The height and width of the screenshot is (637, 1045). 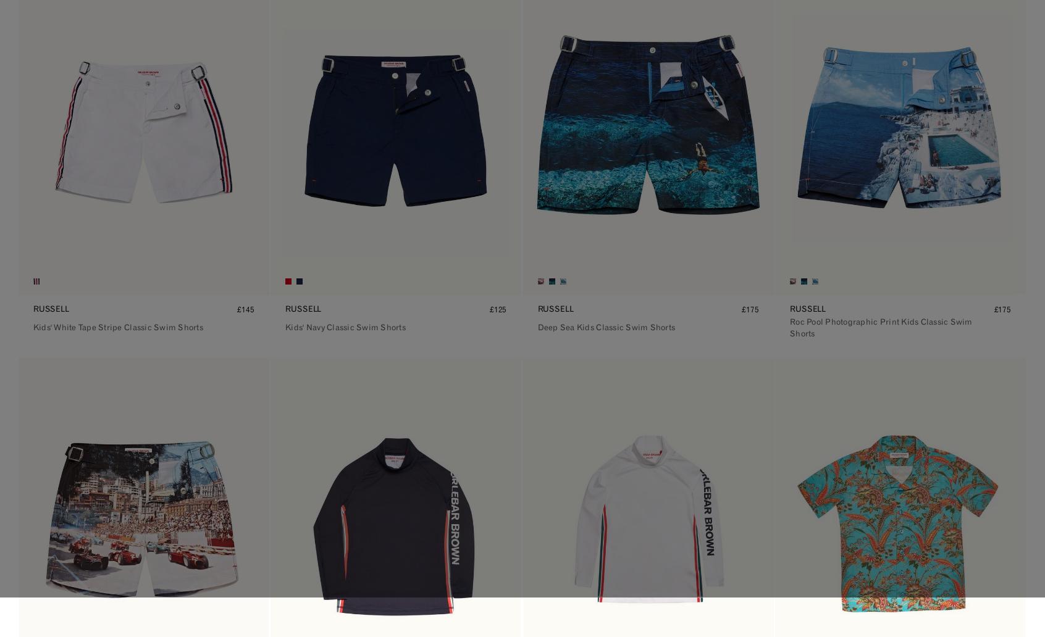 What do you see at coordinates (606, 327) in the screenshot?
I see `'Deep Sea Kids Classic Swim Shorts'` at bounding box center [606, 327].